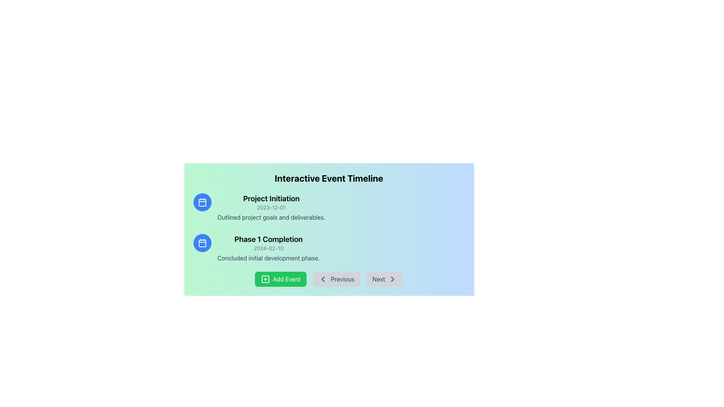  Describe the element at coordinates (323, 279) in the screenshot. I see `the chevron icon within the 'Previous' button` at that location.